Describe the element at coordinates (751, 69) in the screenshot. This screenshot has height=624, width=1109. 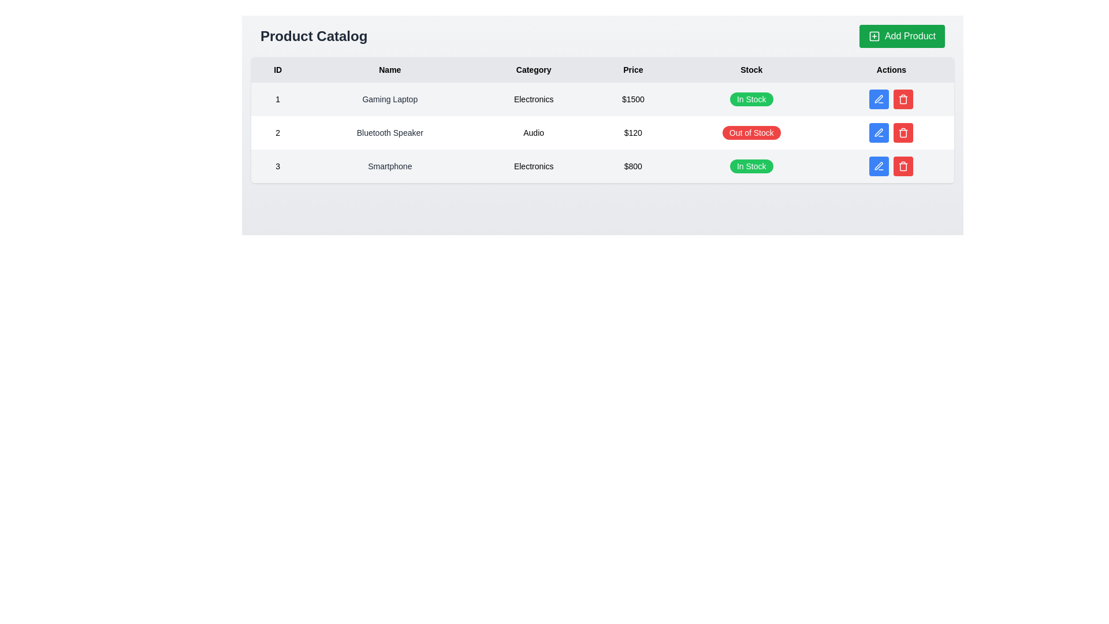
I see `the header label for the stock information column, which is the fifth item in the header row containing 'ID', 'Name', 'Category', 'Price', 'Stock', and 'Actions'` at that location.